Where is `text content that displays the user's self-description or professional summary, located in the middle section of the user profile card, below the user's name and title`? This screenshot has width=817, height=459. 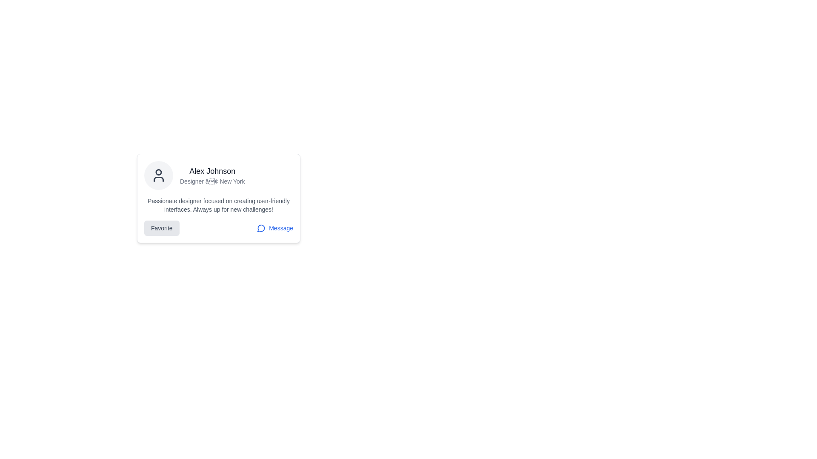
text content that displays the user's self-description or professional summary, located in the middle section of the user profile card, below the user's name and title is located at coordinates (218, 205).